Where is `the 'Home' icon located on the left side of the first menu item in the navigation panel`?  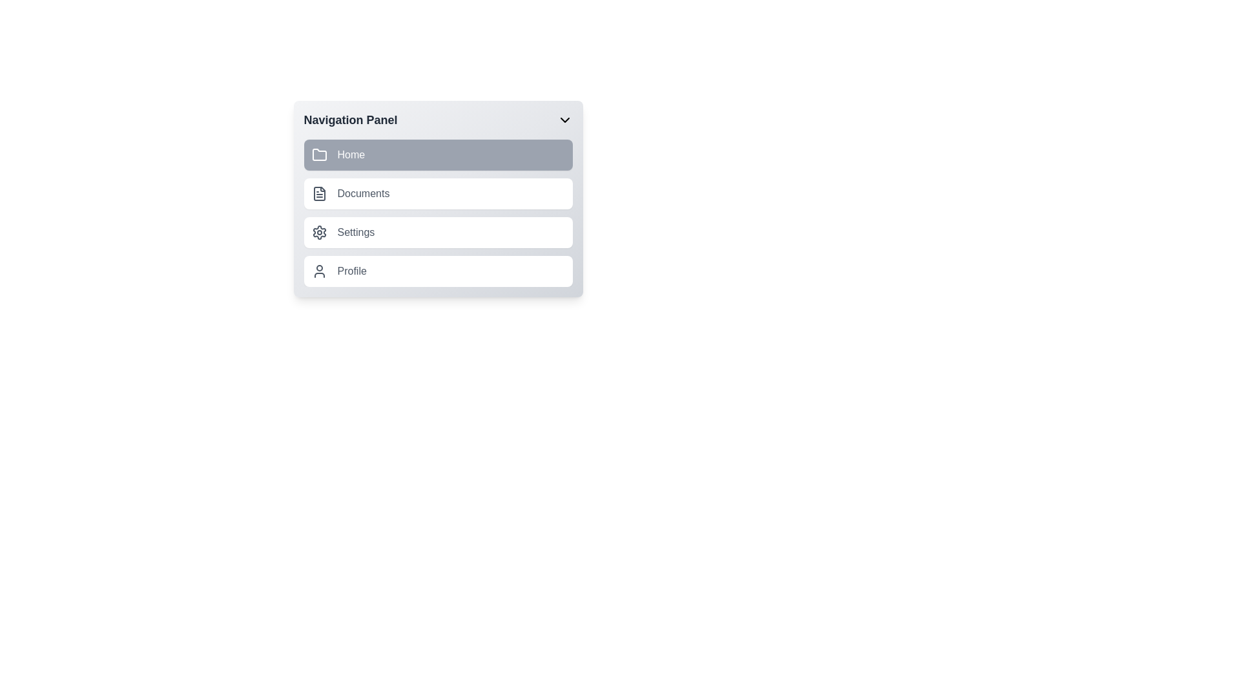 the 'Home' icon located on the left side of the first menu item in the navigation panel is located at coordinates (319, 154).